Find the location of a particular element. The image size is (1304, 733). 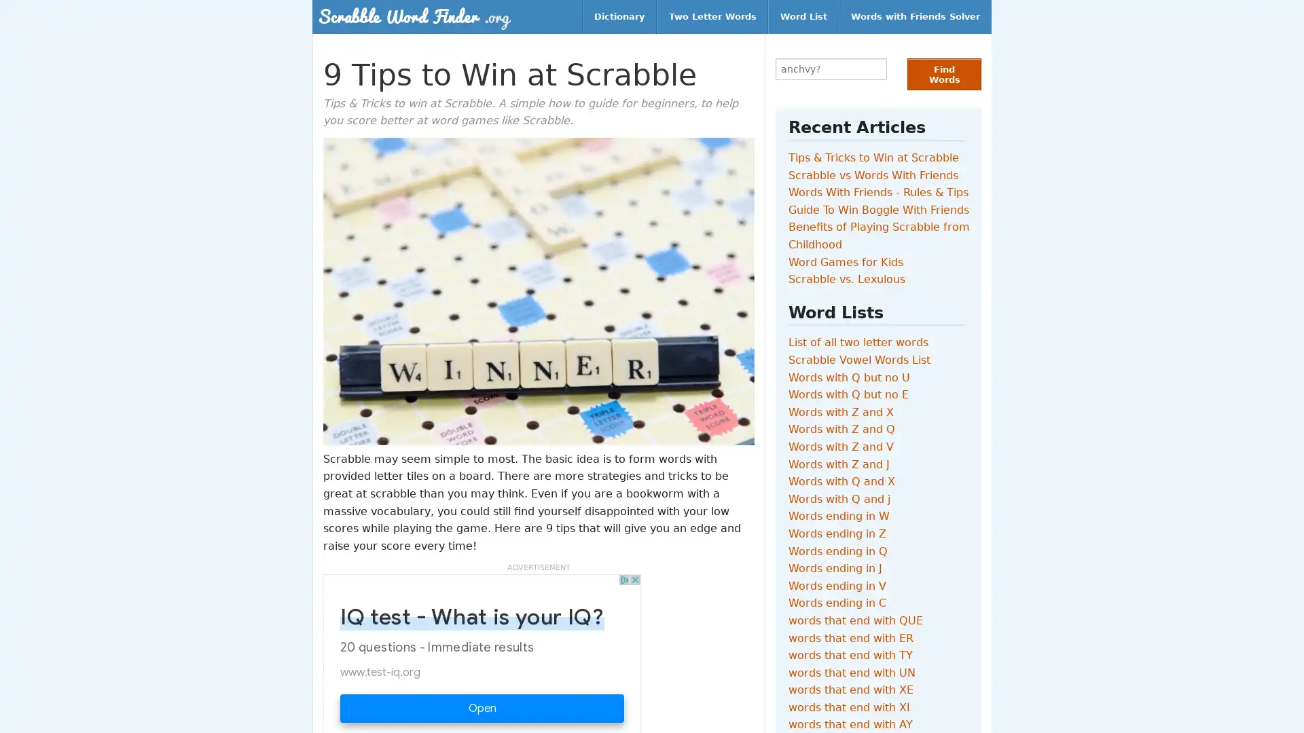

Find Words is located at coordinates (943, 74).